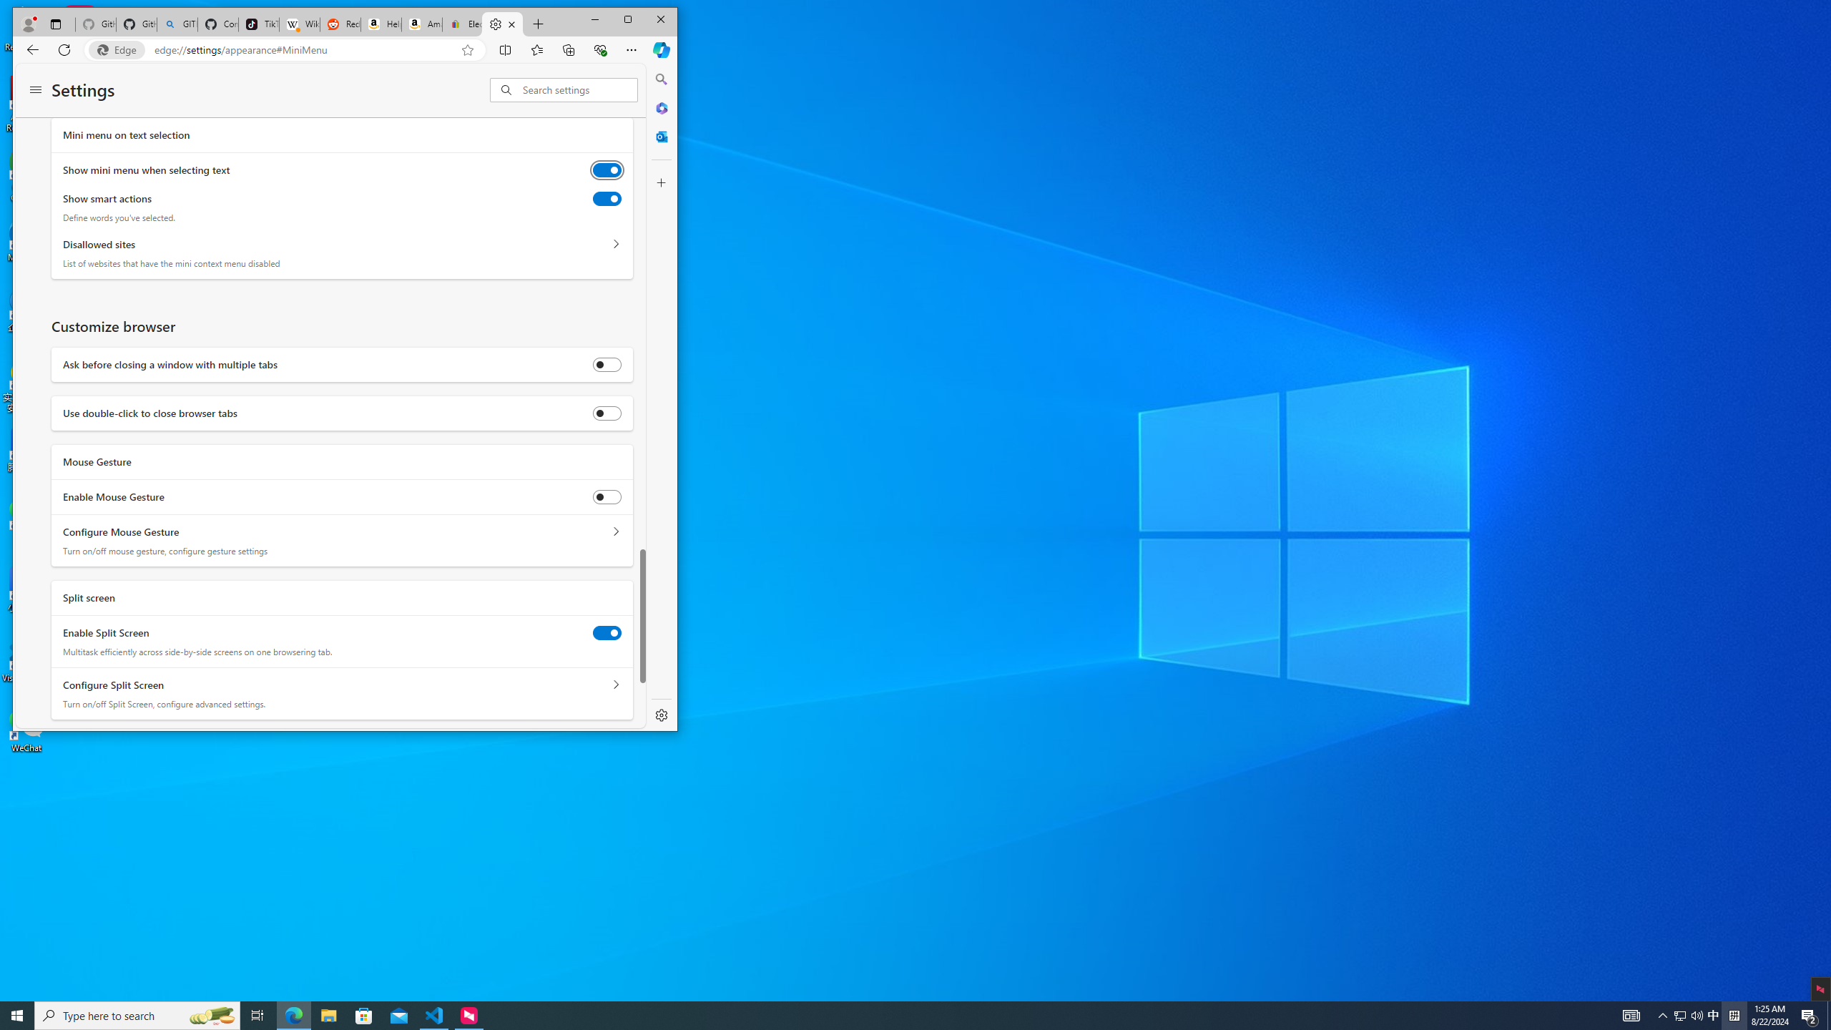  Describe the element at coordinates (1630, 1014) in the screenshot. I see `'AutomationID: 4105'` at that location.